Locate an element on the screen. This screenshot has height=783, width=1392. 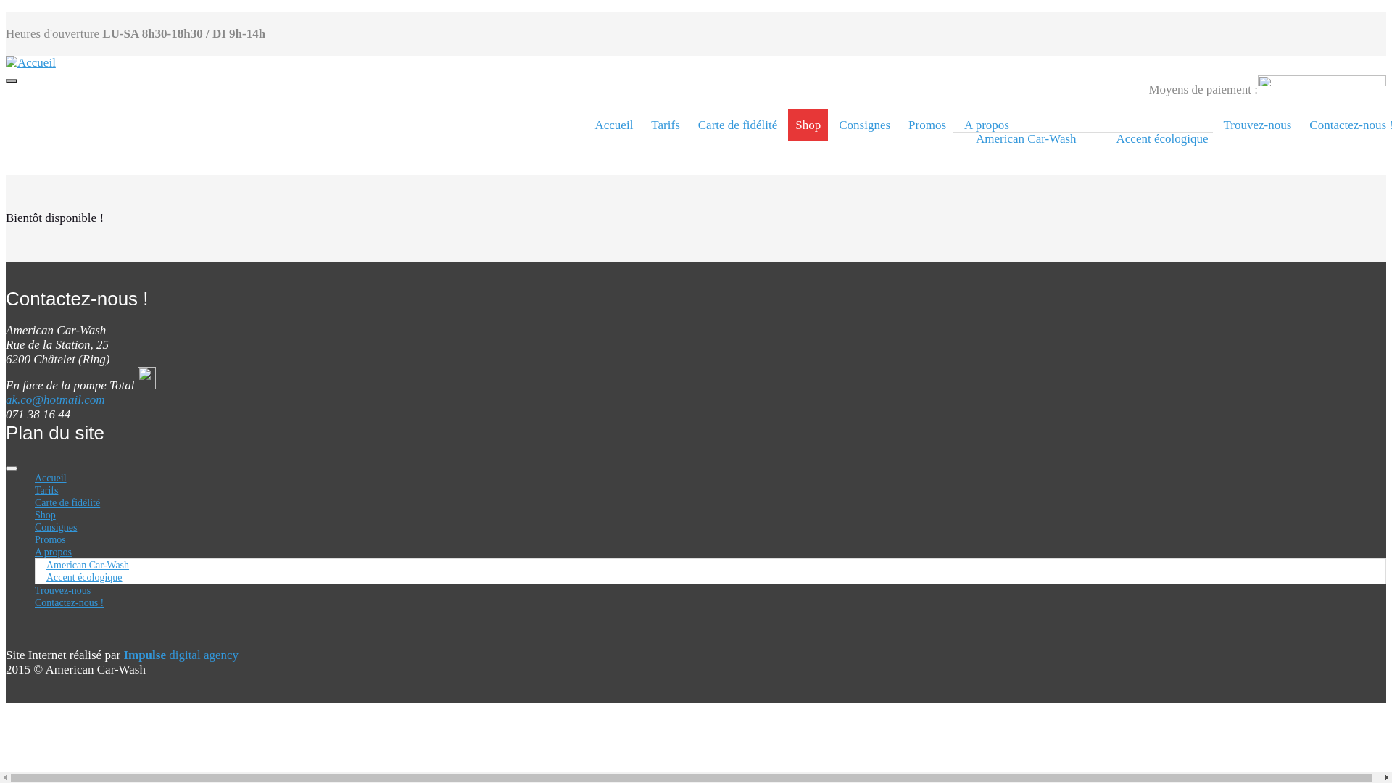
'American Car-Wash' is located at coordinates (86, 564).